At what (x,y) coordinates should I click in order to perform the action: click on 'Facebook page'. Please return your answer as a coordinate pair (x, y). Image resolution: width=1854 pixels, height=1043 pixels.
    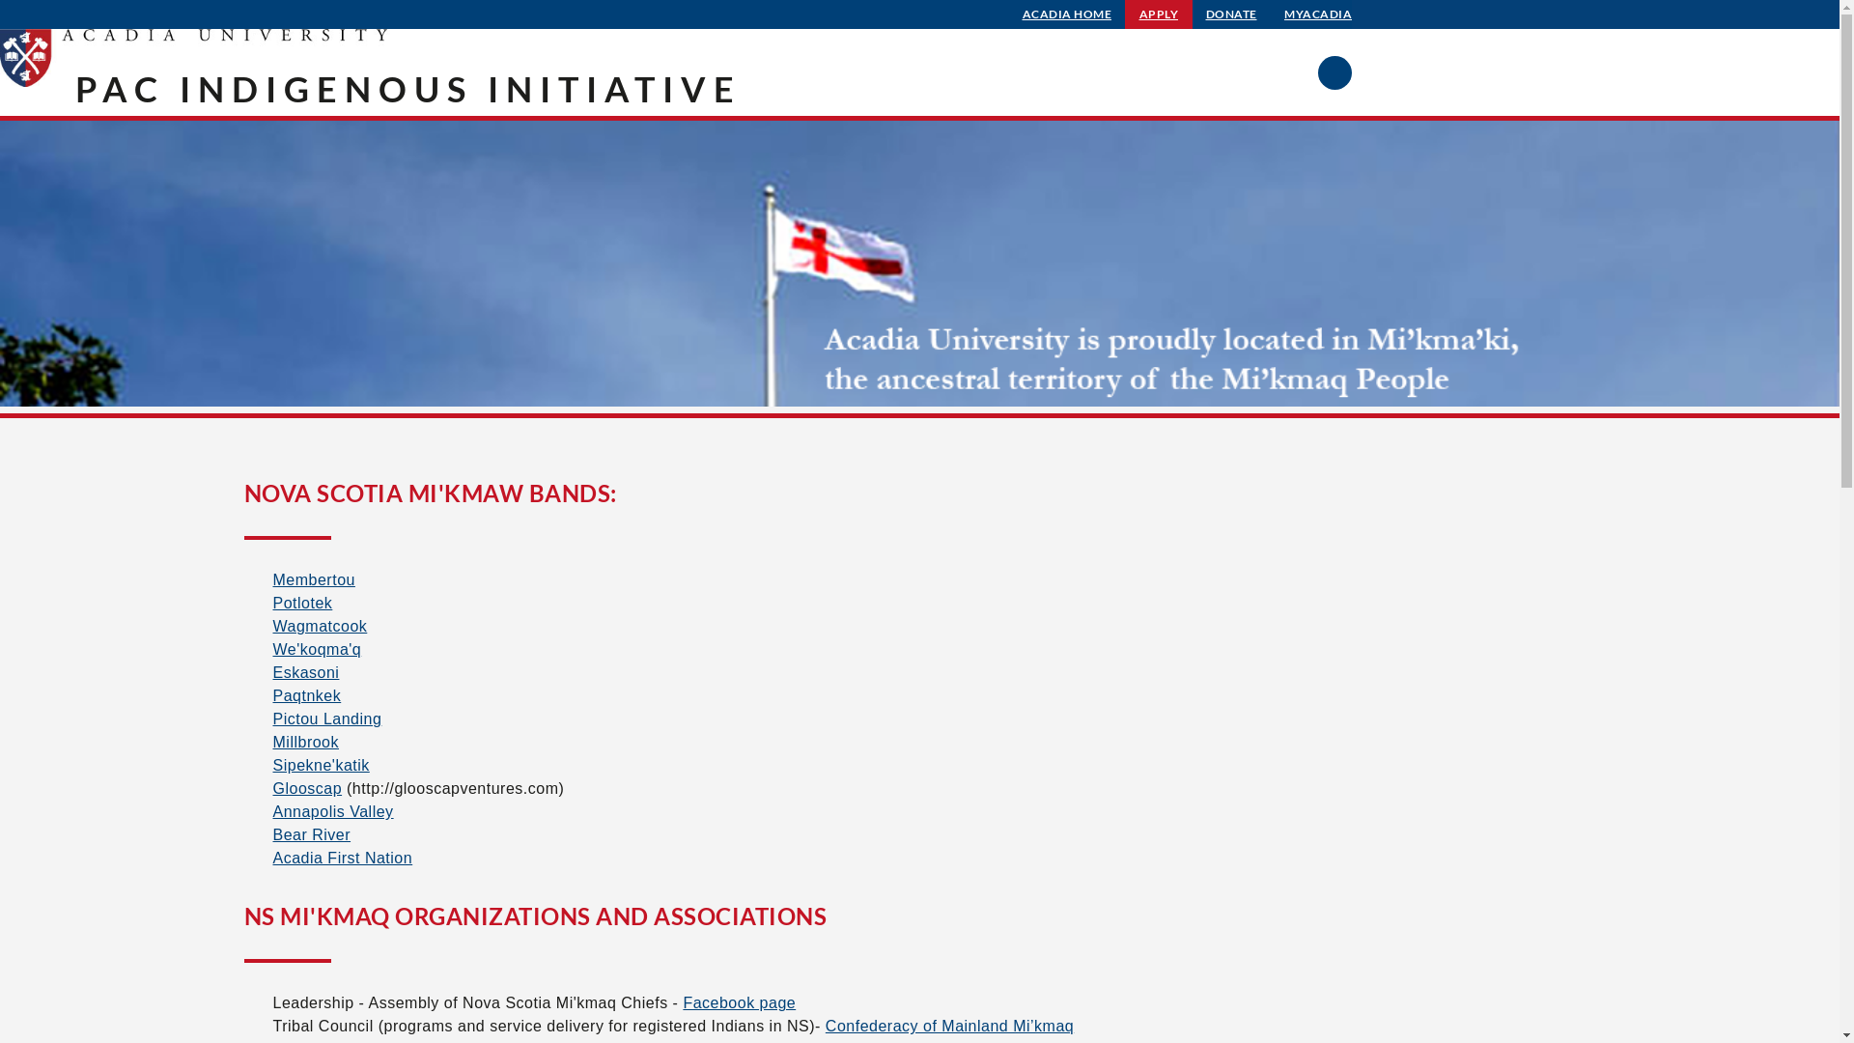
    Looking at the image, I should click on (738, 1001).